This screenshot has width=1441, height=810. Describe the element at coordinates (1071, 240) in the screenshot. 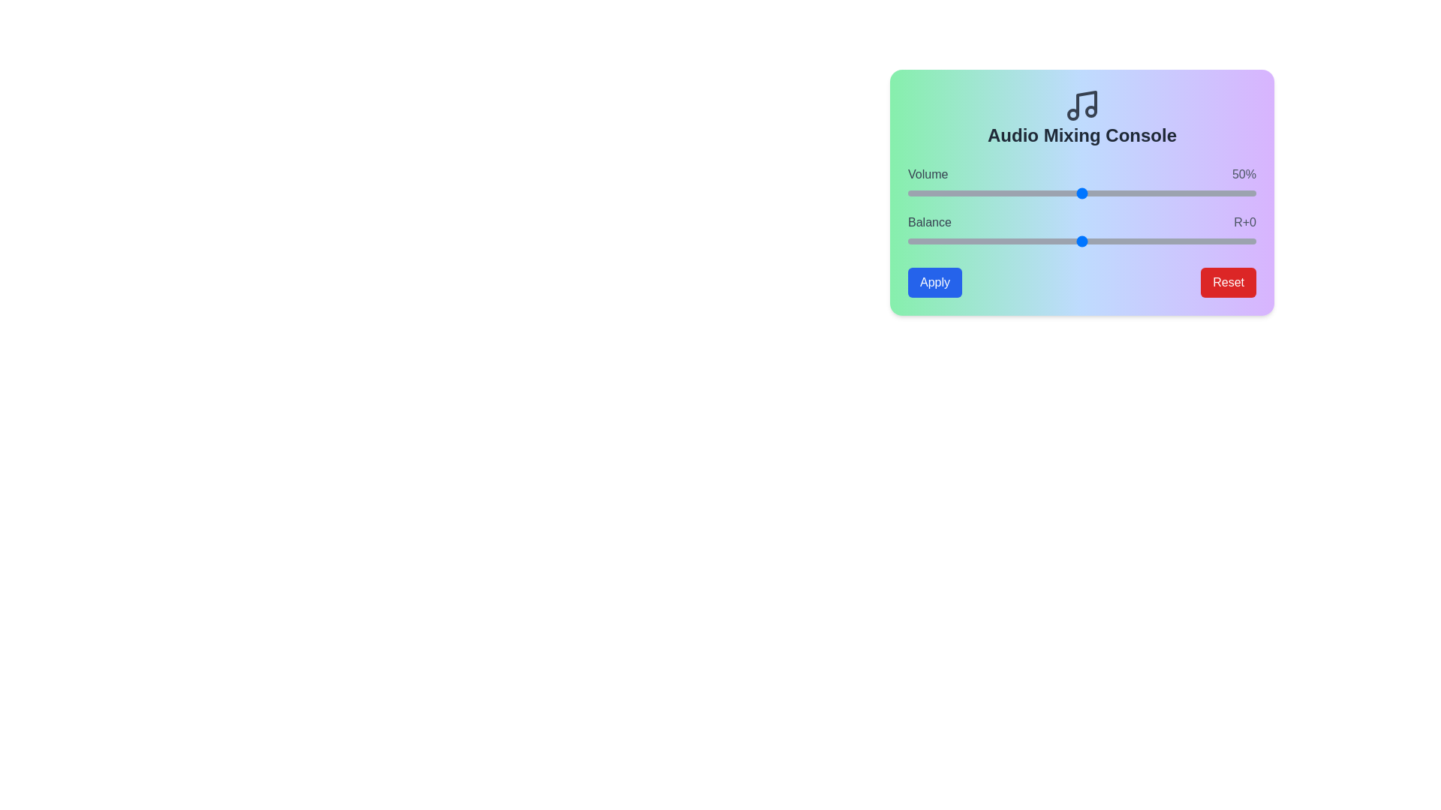

I see `balance` at that location.